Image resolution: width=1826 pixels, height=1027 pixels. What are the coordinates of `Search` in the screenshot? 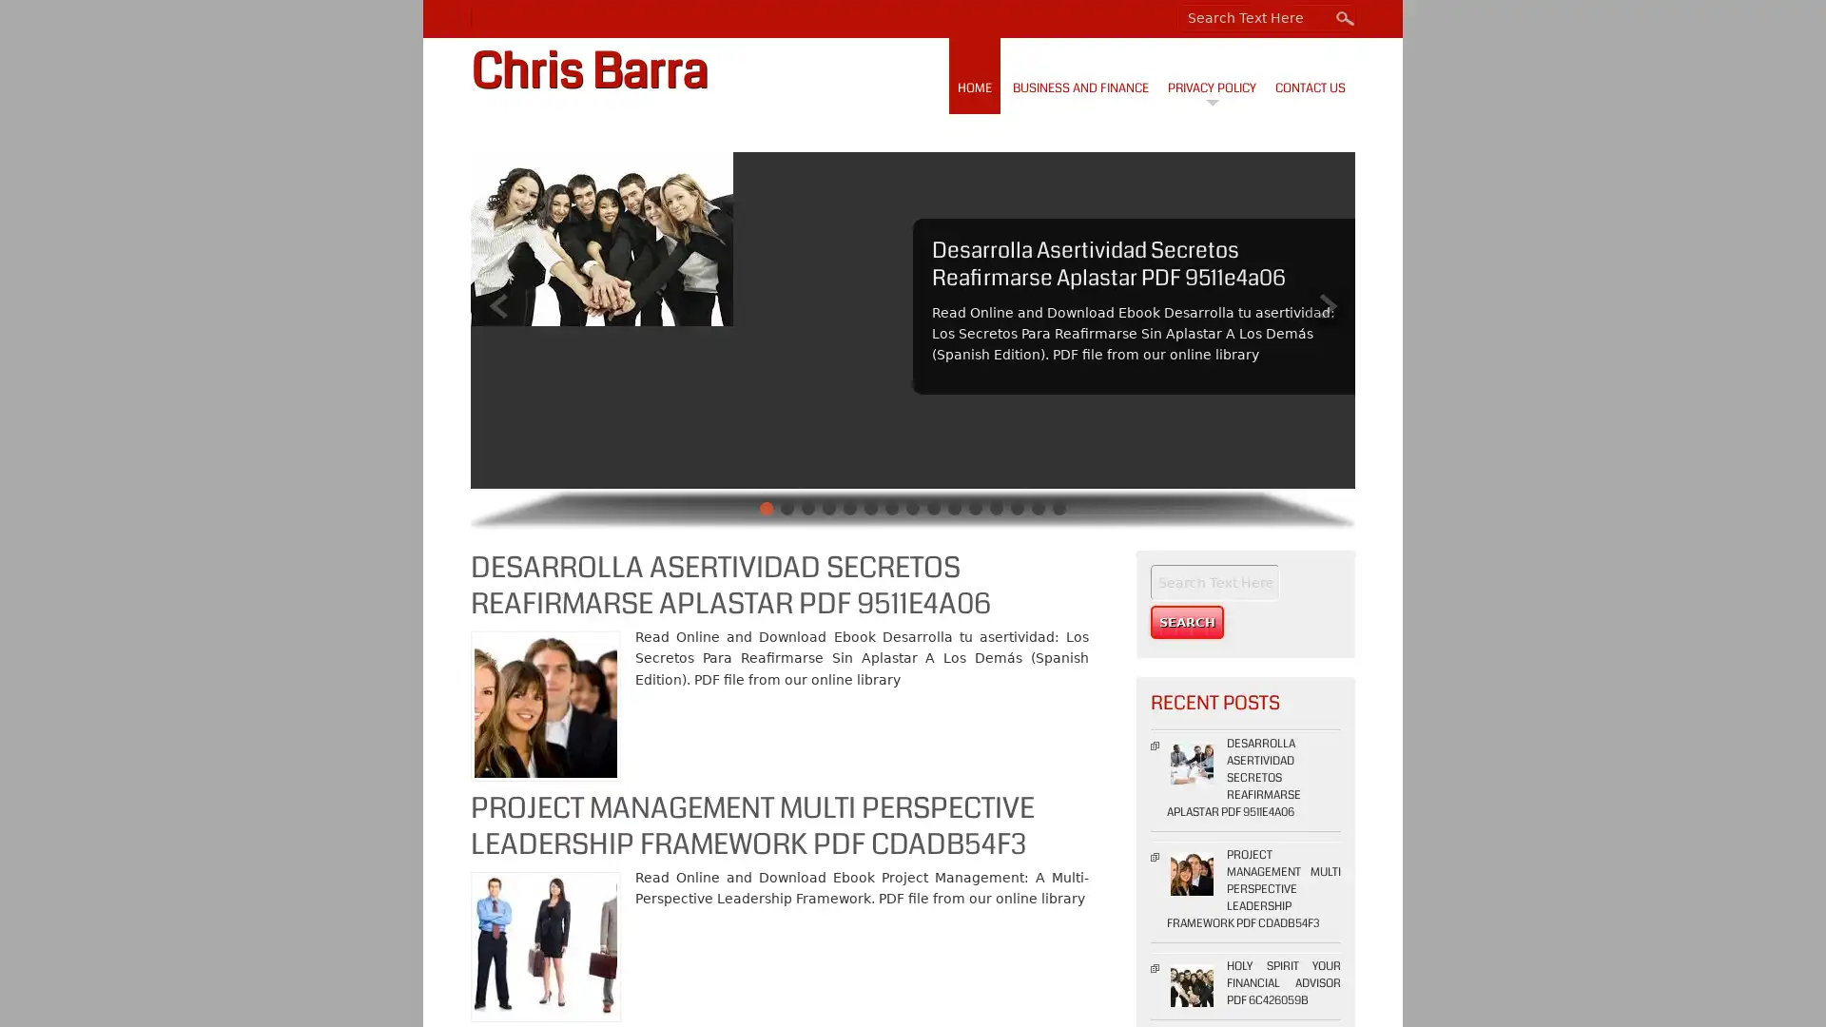 It's located at (1186, 622).